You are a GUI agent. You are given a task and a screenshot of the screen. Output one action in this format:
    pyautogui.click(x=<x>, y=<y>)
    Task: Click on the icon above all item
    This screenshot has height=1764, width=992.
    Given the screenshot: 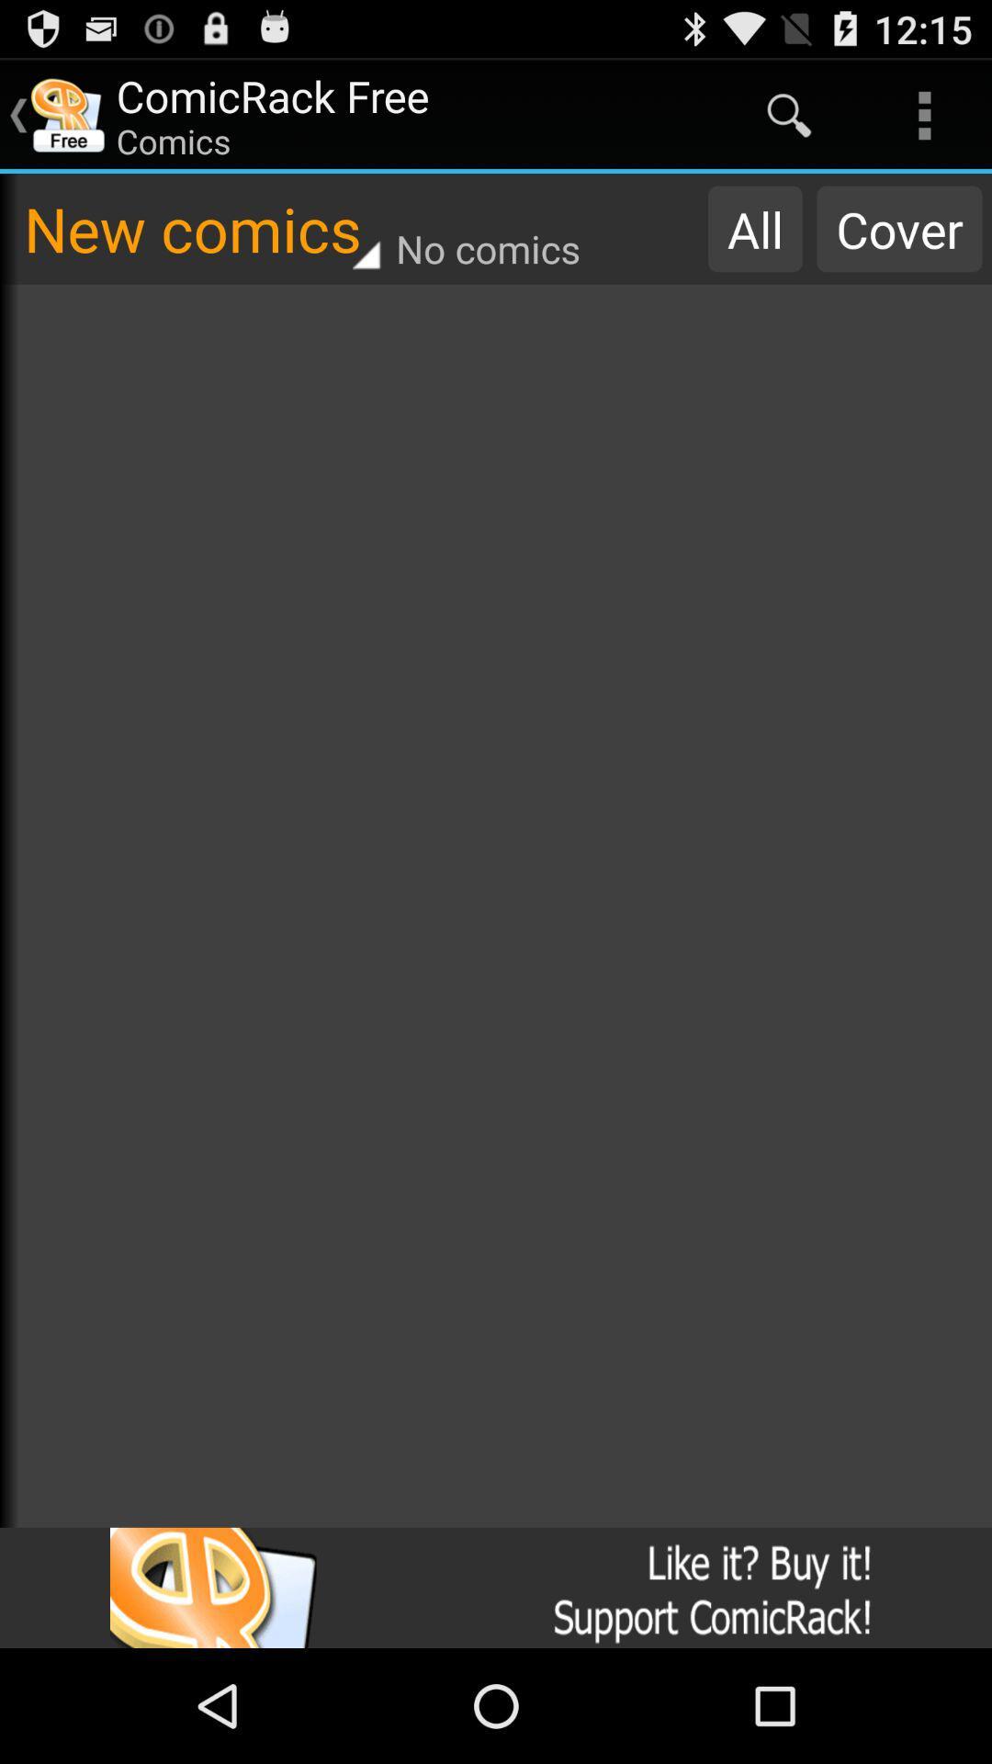 What is the action you would take?
    pyautogui.click(x=788, y=114)
    